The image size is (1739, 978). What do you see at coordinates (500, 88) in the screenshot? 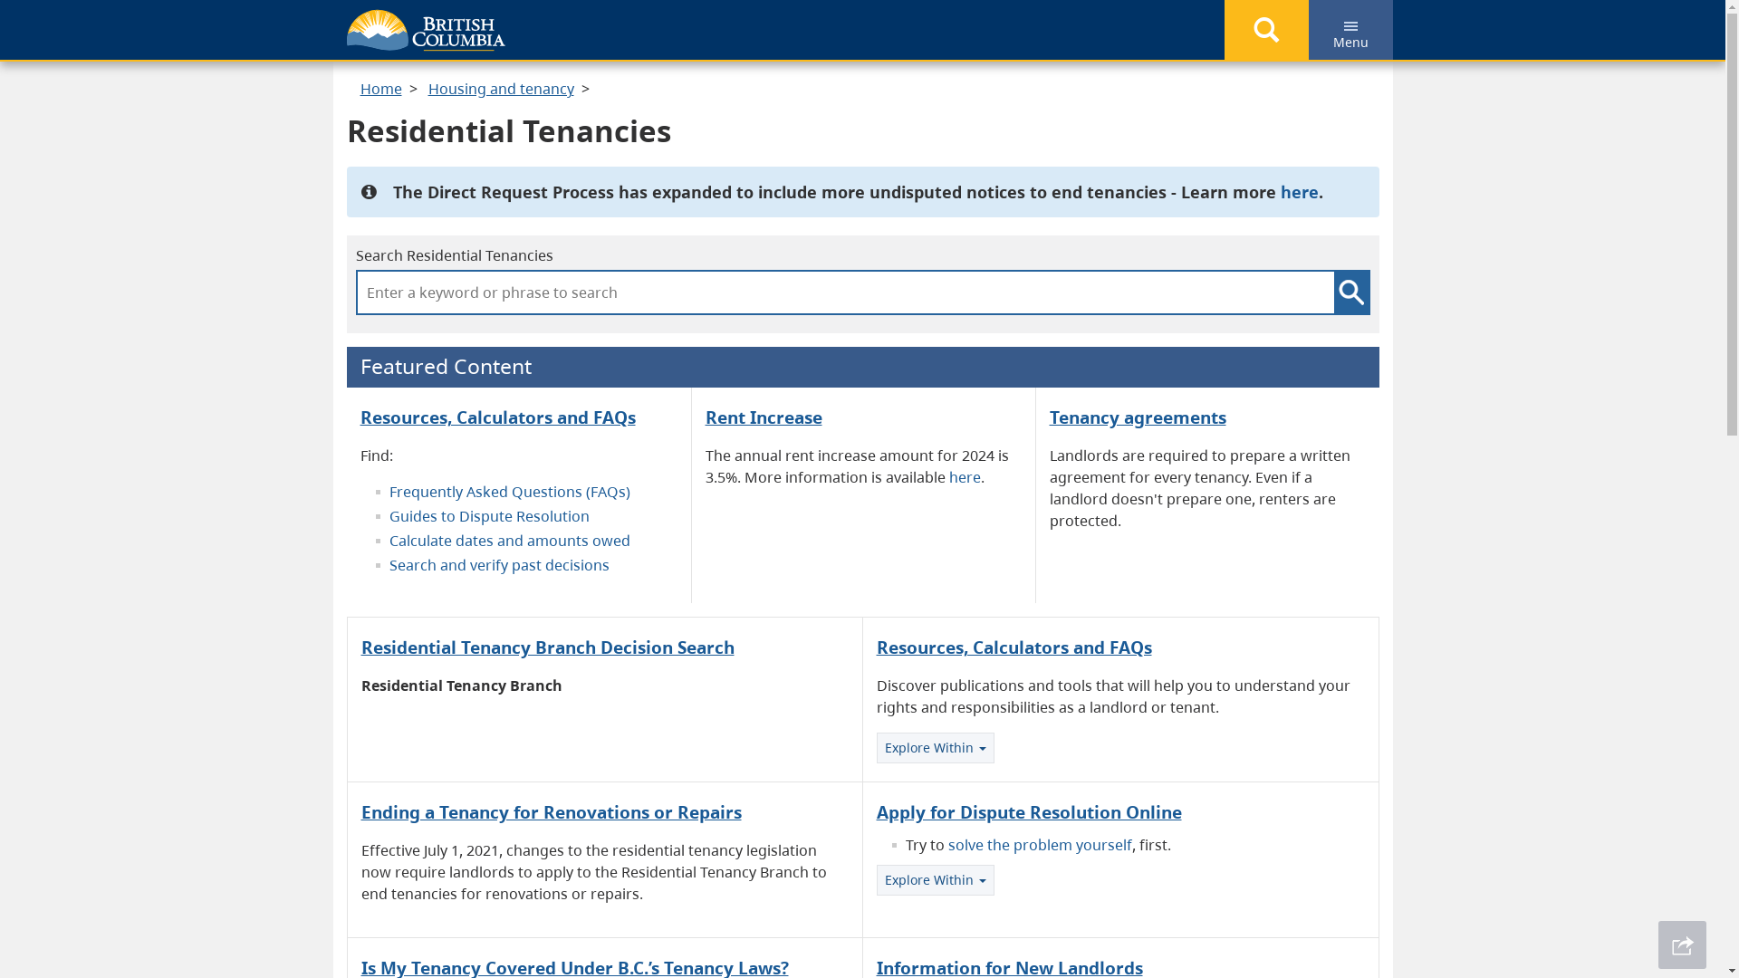
I see `'Housing and tenancy'` at bounding box center [500, 88].